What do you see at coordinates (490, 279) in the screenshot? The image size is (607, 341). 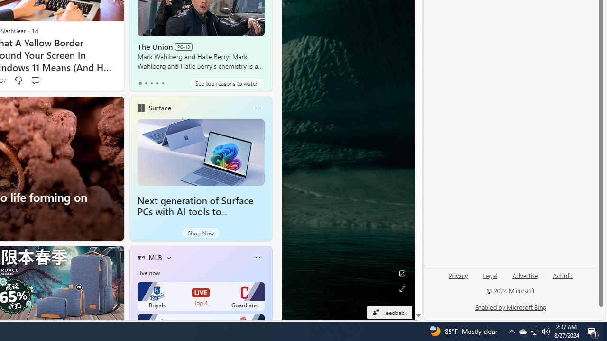 I see `'Legal'` at bounding box center [490, 279].